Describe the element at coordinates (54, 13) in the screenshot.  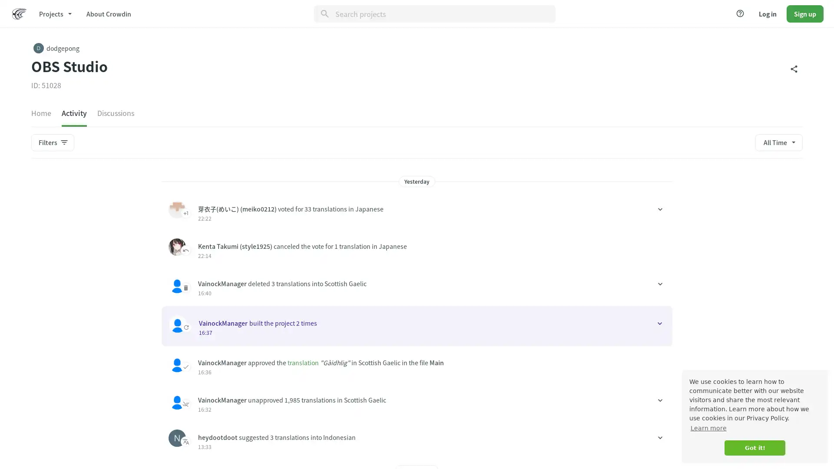
I see `Projects` at that location.